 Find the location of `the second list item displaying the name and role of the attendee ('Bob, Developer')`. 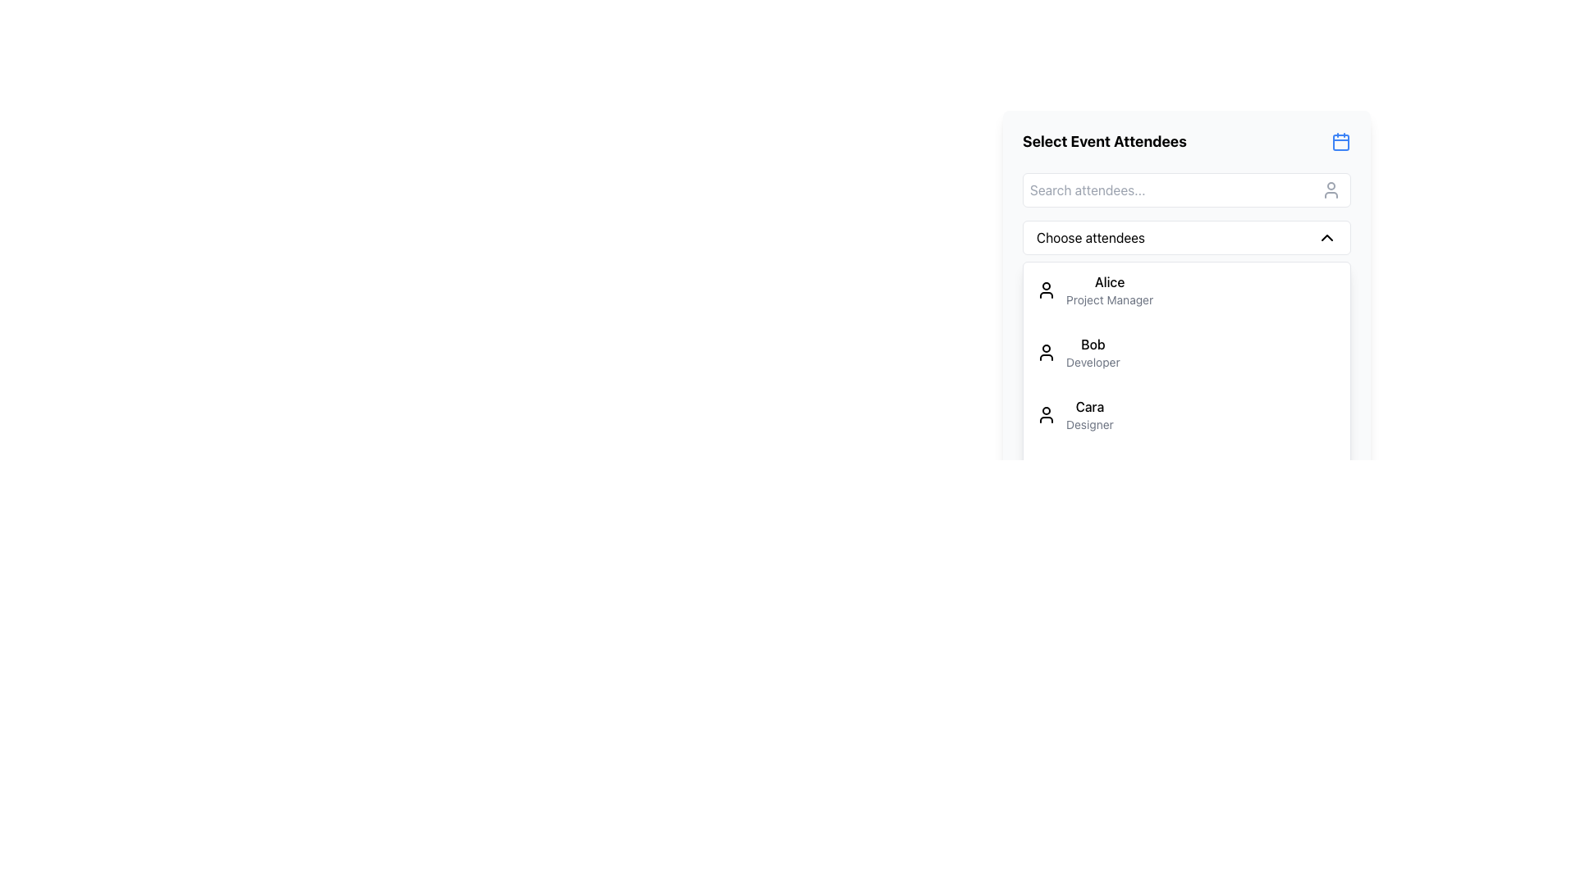

the second list item displaying the name and role of the attendee ('Bob, Developer') is located at coordinates (1186, 351).